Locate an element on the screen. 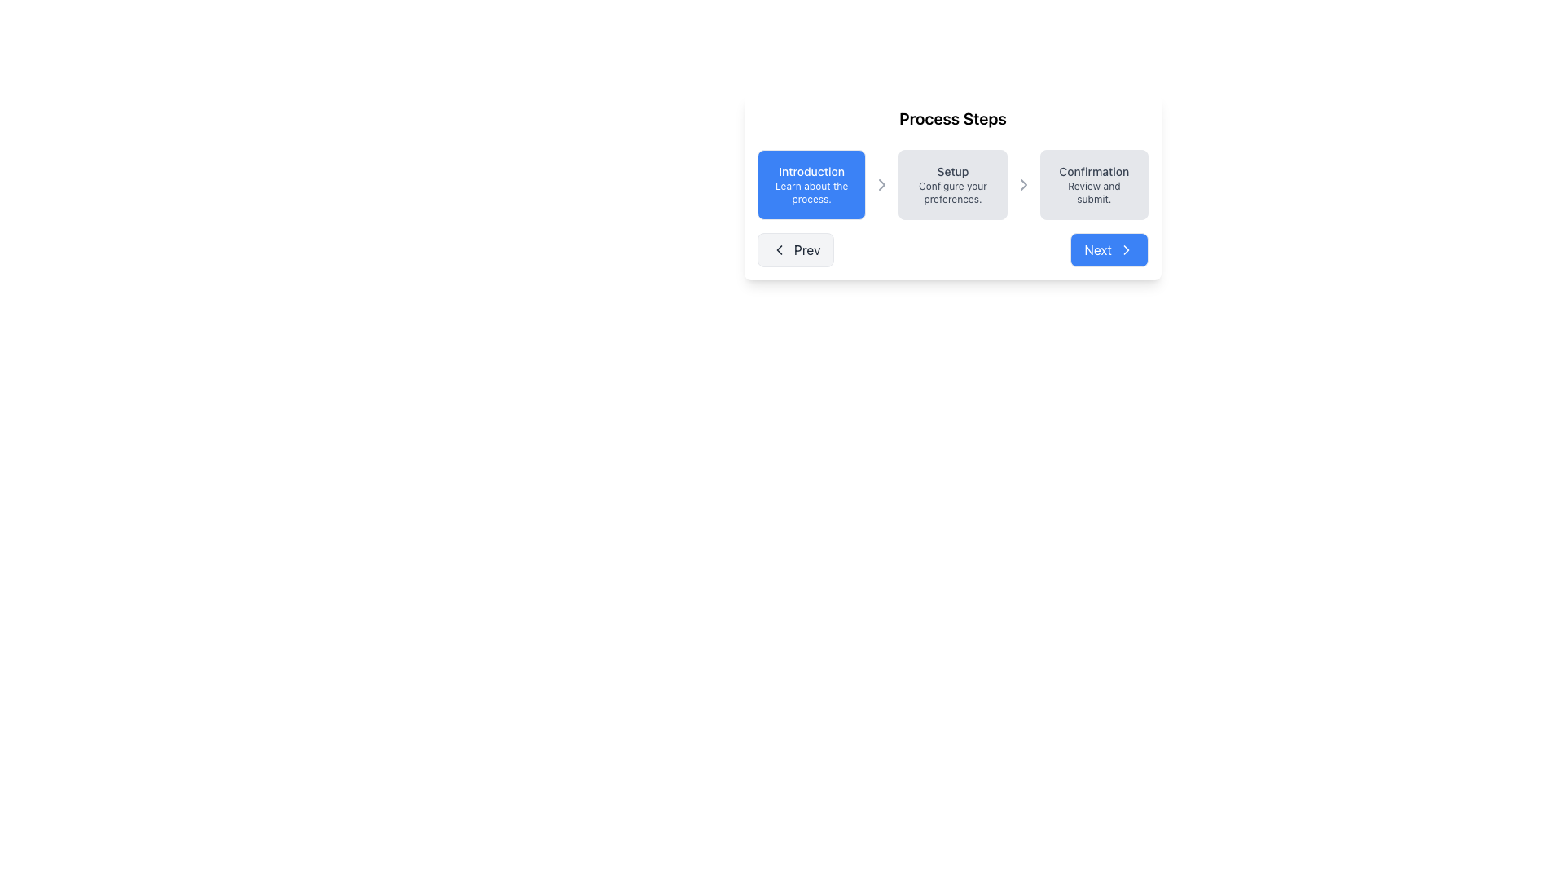  the SVG Graphic (Arrow Icon) located within the 'Prev' button, positioned to the left of the step indicators in the process steps interface is located at coordinates (778, 250).